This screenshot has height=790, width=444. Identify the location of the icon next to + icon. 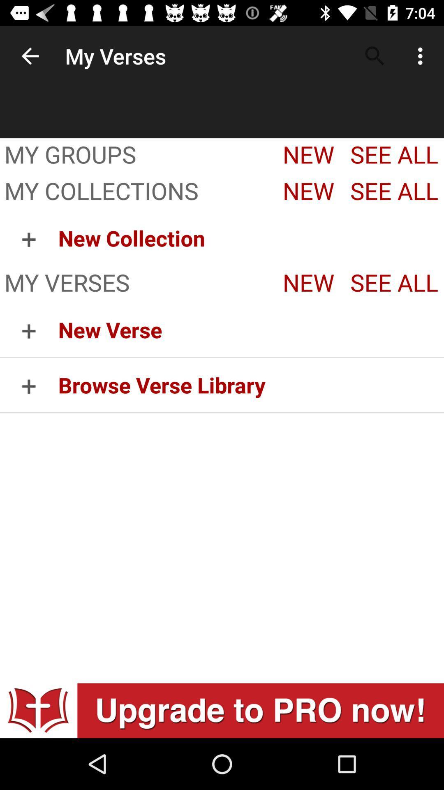
(250, 330).